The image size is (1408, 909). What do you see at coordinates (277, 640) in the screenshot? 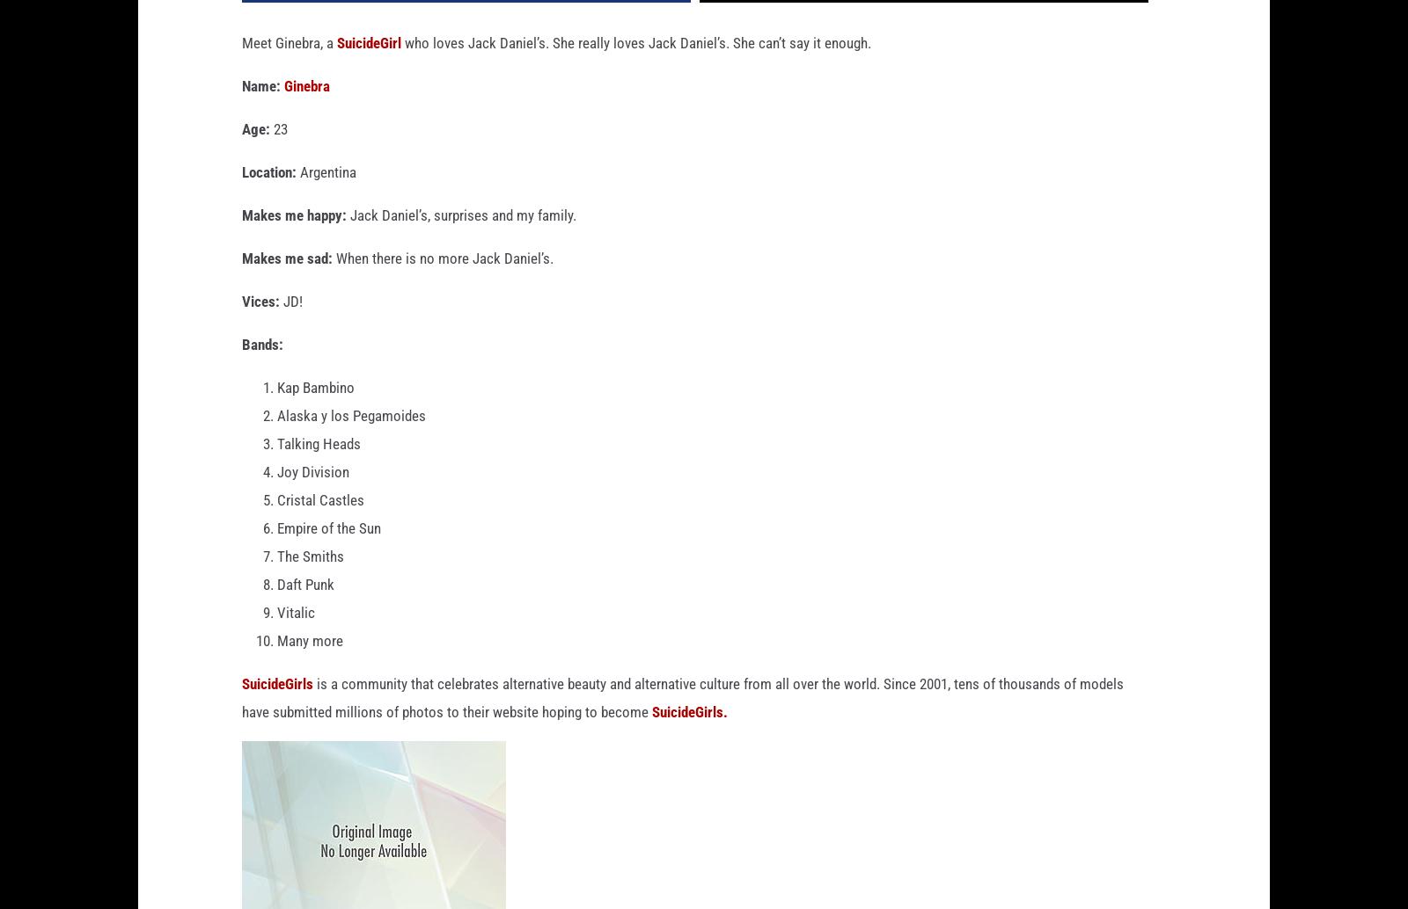
I see `'Vitalic'` at bounding box center [277, 640].